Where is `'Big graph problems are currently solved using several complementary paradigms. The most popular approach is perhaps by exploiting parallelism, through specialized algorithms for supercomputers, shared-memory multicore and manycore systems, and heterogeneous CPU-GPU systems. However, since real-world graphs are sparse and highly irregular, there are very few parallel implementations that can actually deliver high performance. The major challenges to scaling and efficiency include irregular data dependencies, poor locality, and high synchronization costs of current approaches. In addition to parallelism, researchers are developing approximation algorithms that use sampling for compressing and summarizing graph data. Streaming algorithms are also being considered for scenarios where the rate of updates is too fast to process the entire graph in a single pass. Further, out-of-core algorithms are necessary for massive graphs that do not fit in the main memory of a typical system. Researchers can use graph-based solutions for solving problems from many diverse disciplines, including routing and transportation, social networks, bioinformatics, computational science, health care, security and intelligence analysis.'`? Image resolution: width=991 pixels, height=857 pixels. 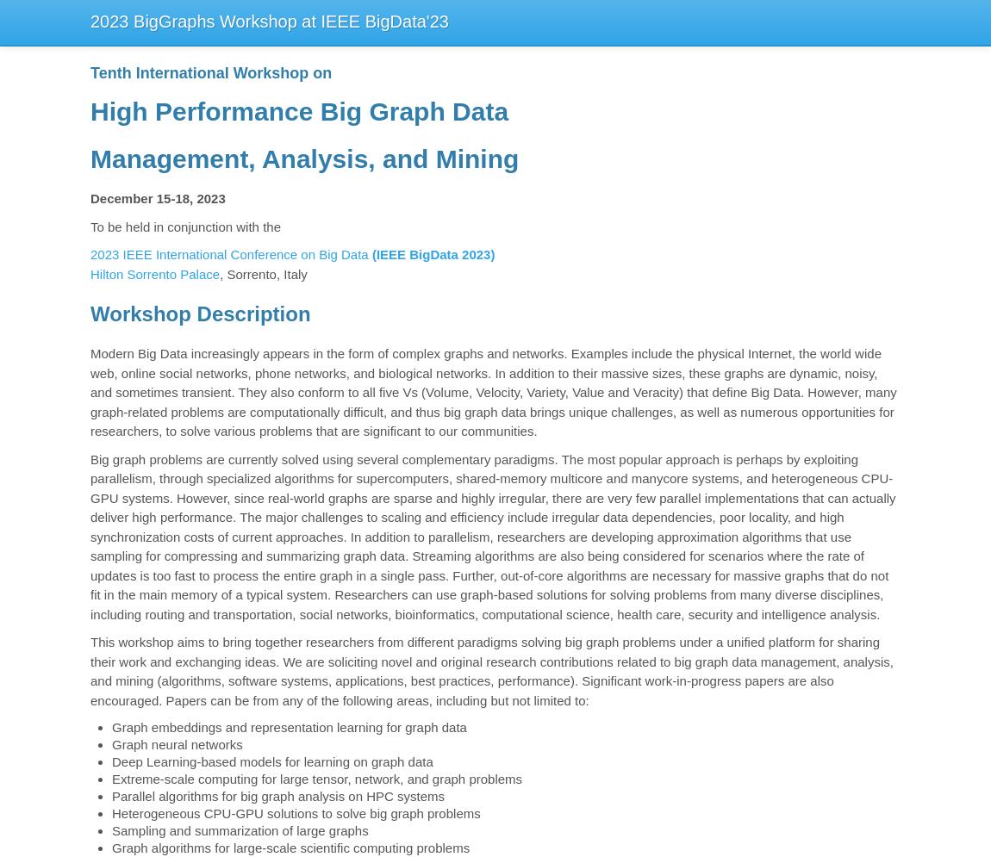 'Big graph problems are currently solved using several complementary paradigms. The most popular approach is perhaps by exploiting parallelism, through specialized algorithms for supercomputers, shared-memory multicore and manycore systems, and heterogeneous CPU-GPU systems. However, since real-world graphs are sparse and highly irregular, there are very few parallel implementations that can actually deliver high performance. The major challenges to scaling and efficiency include irregular data dependencies, poor locality, and high synchronization costs of current approaches. In addition to parallelism, researchers are developing approximation algorithms that use sampling for compressing and summarizing graph data. Streaming algorithms are also being considered for scenarios where the rate of updates is too fast to process the entire graph in a single pass. Further, out-of-core algorithms are necessary for massive graphs that do not fit in the main memory of a typical system. Researchers can use graph-based solutions for solving problems from many diverse disciplines, including routing and transportation, social networks, bioinformatics, computational science, health care, security and intelligence analysis.' is located at coordinates (493, 536).